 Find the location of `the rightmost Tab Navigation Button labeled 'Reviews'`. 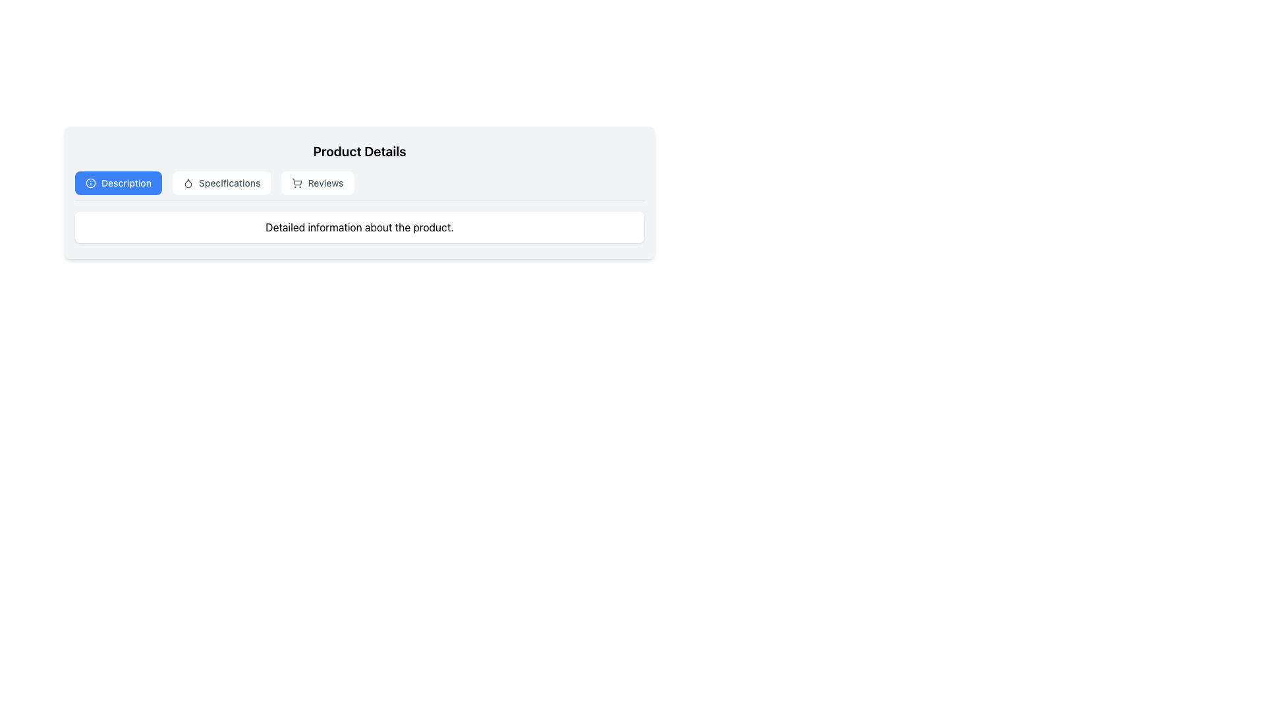

the rightmost Tab Navigation Button labeled 'Reviews' is located at coordinates (318, 183).